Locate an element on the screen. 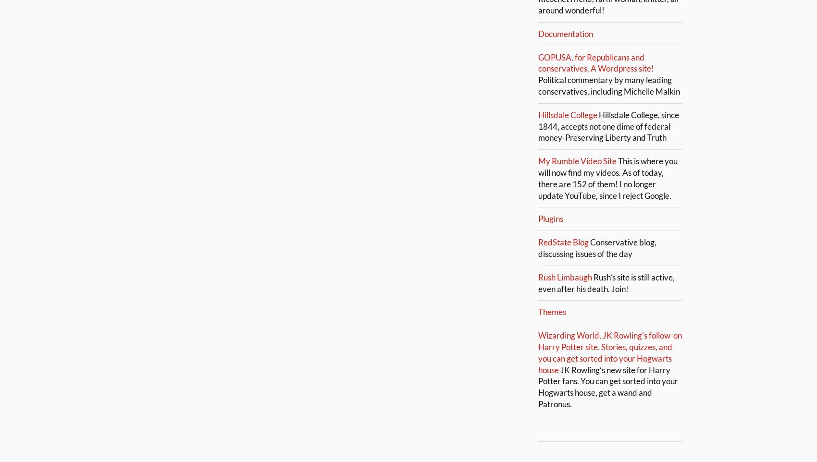  'My Rumble Video Site' is located at coordinates (577, 160).